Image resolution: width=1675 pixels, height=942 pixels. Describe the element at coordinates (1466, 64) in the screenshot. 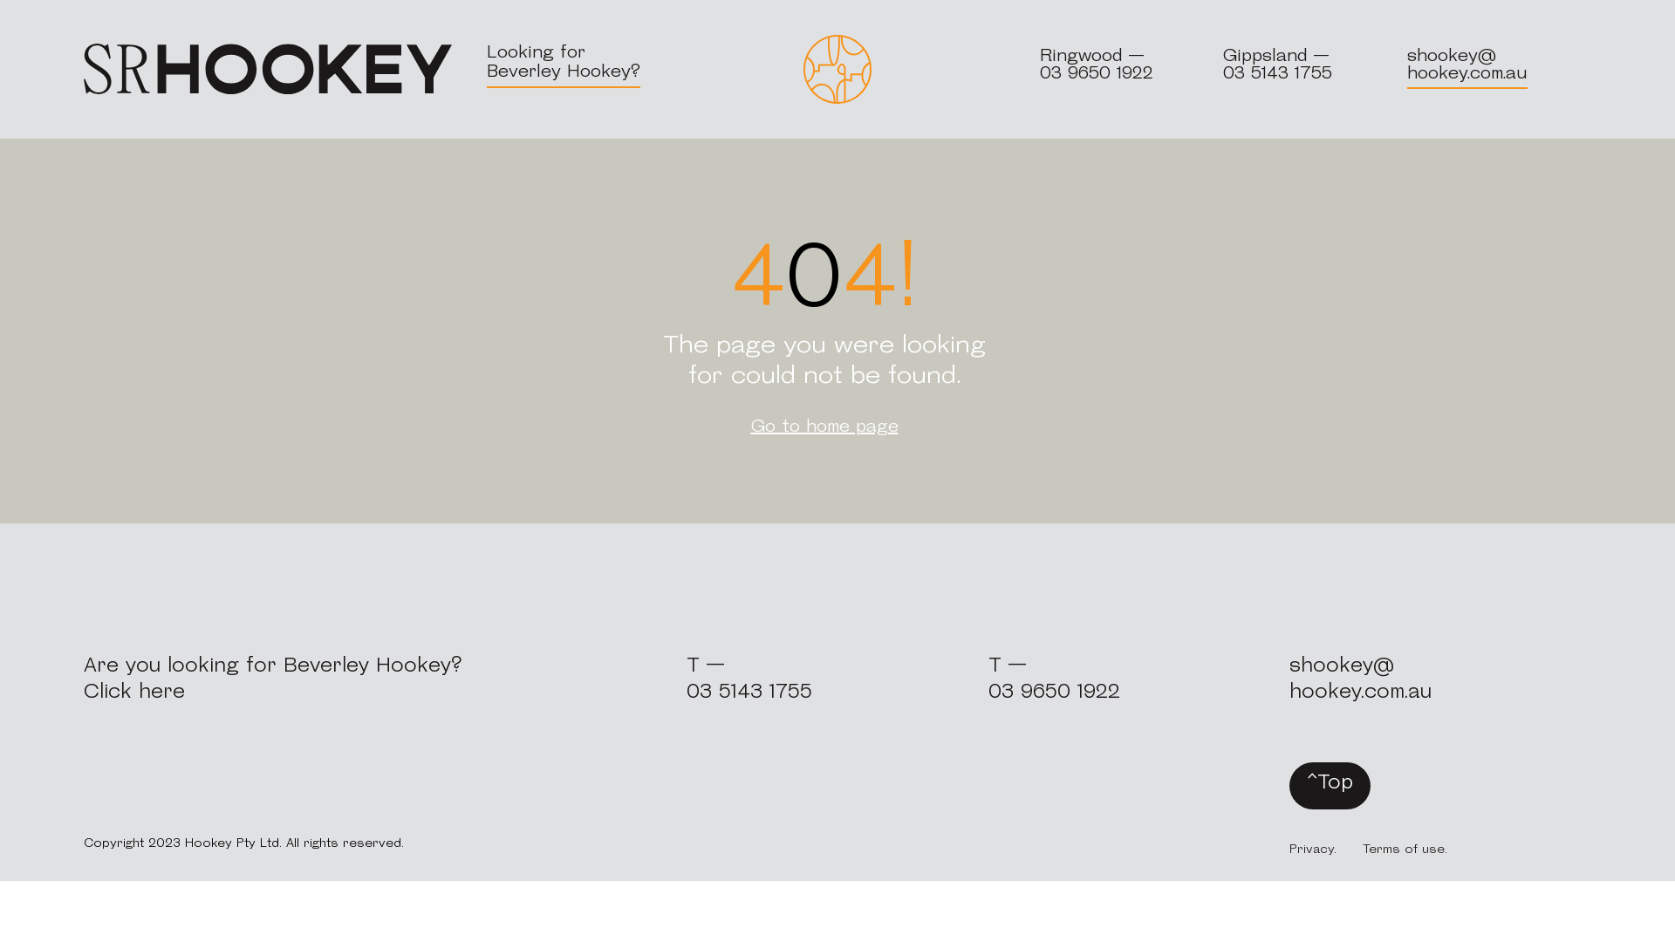

I see `'shookey@` at that location.